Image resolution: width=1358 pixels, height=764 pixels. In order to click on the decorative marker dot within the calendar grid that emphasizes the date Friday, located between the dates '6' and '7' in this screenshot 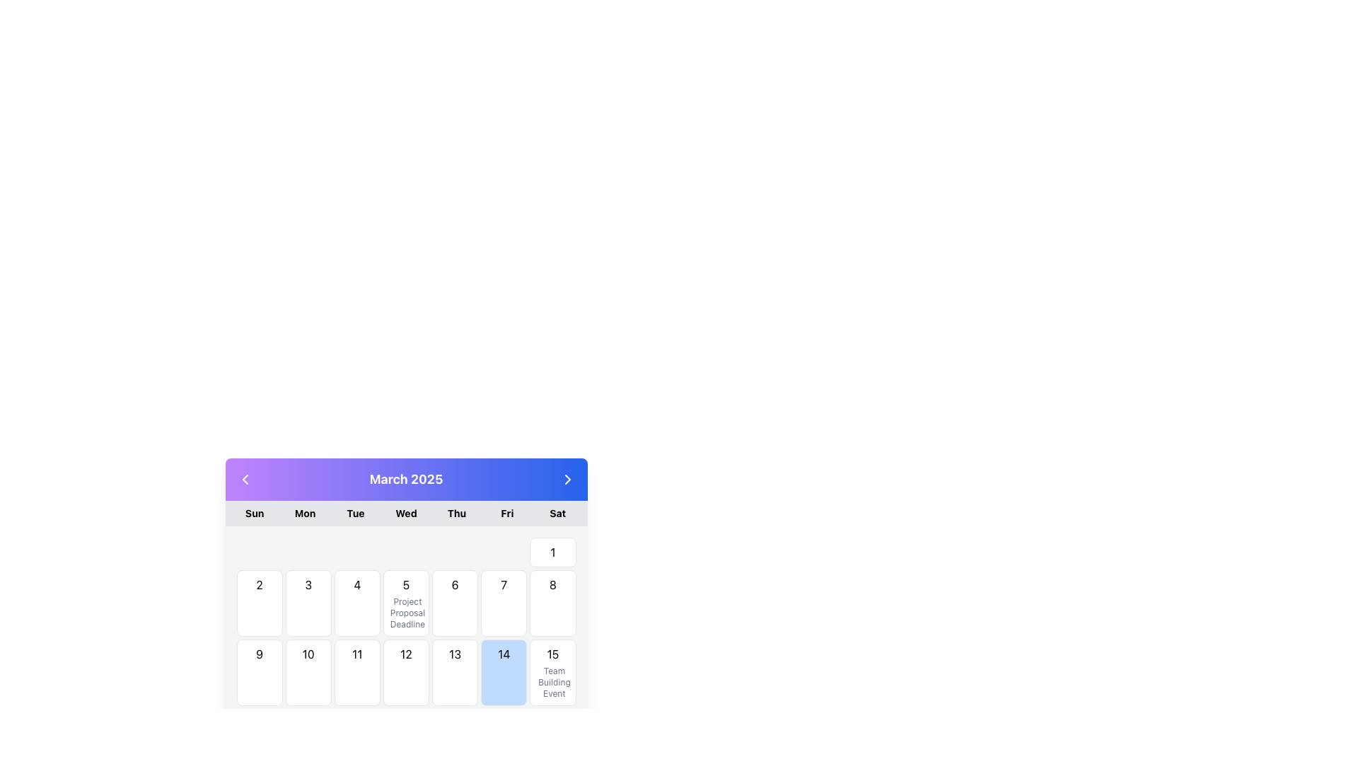, I will do `click(504, 551)`.